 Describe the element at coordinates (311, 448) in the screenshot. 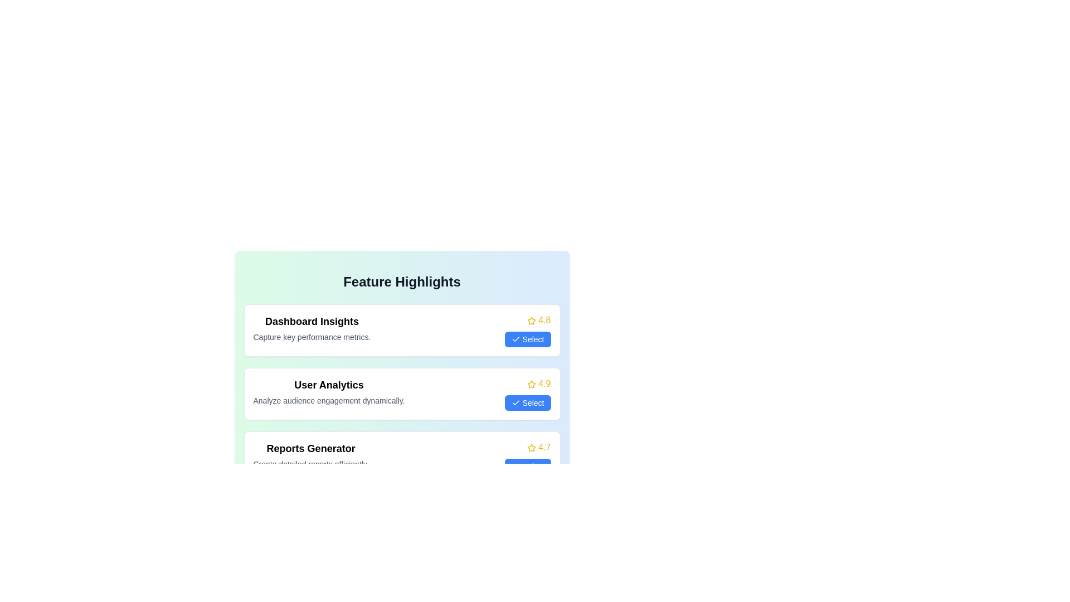

I see `the text of Reports Generator to read the full description` at that location.